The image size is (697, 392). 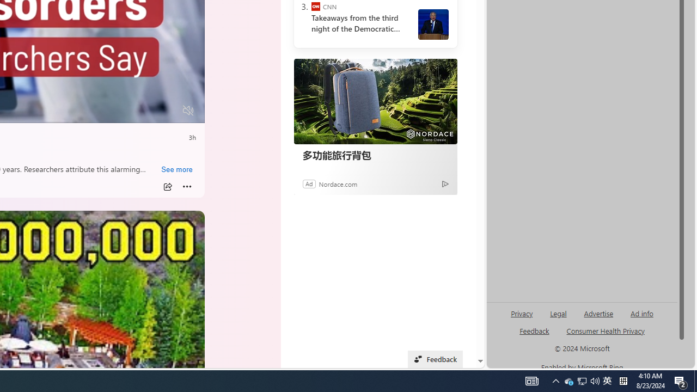 What do you see at coordinates (167, 186) in the screenshot?
I see `'Share'` at bounding box center [167, 186].